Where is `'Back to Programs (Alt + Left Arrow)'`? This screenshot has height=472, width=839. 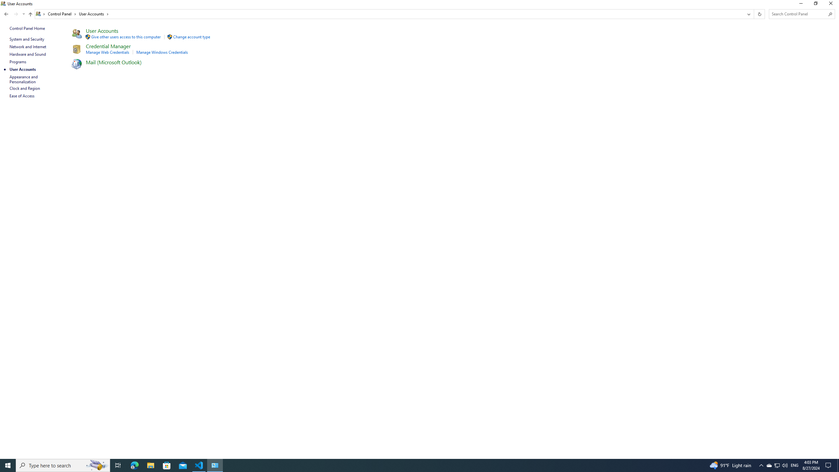 'Back to Programs (Alt + Left Arrow)' is located at coordinates (6, 14).